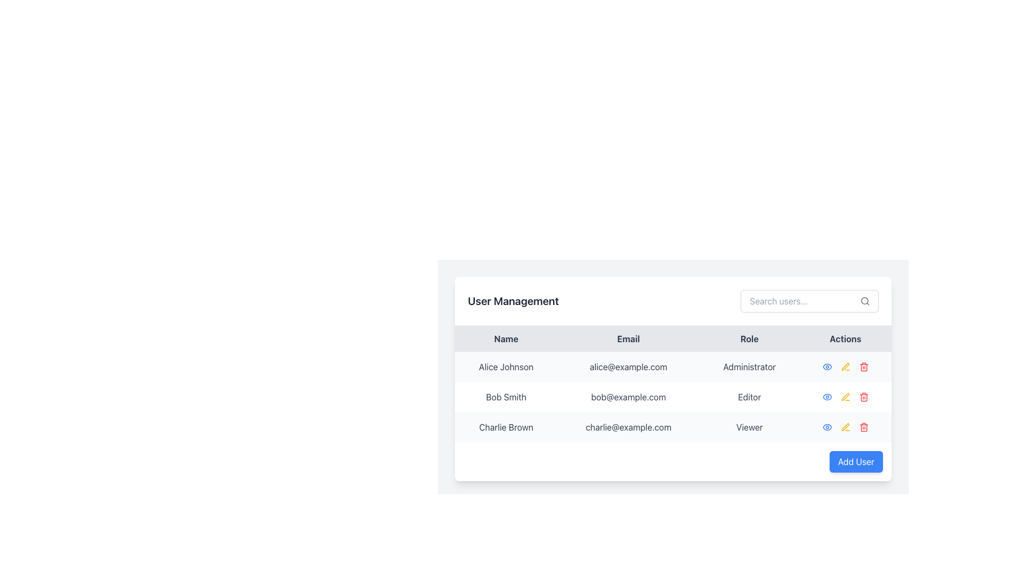  I want to click on to focus on the Search input field located in the 'User Management' section, positioned to the right of the title 'User Management', so click(810, 301).